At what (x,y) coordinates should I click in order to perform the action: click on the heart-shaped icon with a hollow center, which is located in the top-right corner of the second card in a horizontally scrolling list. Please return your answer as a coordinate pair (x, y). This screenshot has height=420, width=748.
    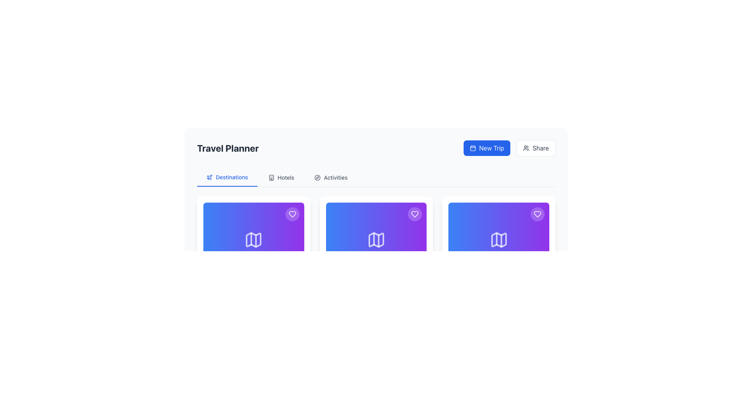
    Looking at the image, I should click on (537, 214).